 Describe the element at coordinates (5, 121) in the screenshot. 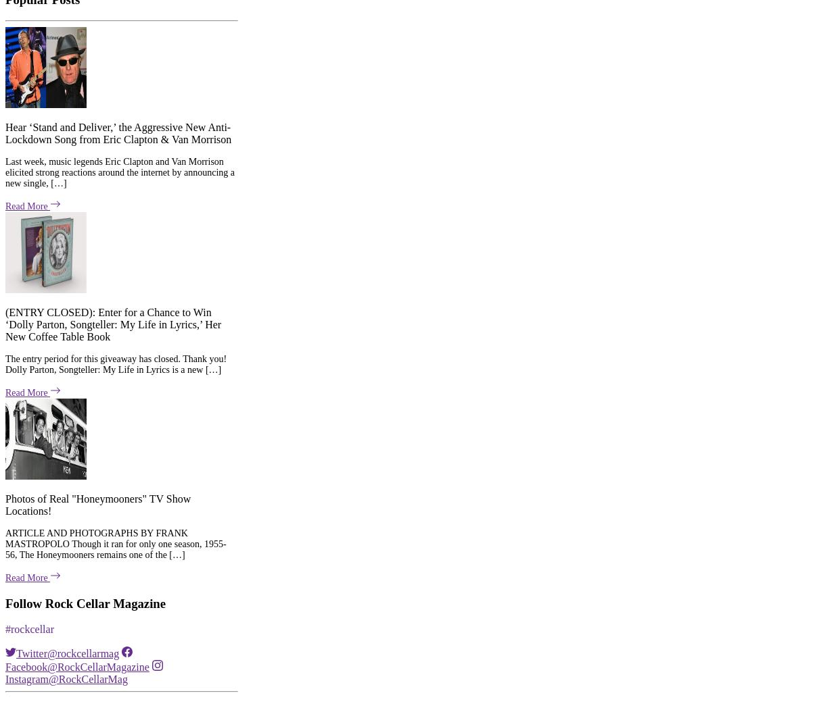

I see `'(ENTRY CLOSED): Enter for a Chance to Win ‘Dolly Parton, Songteller: My Life in Lyrics,’ Her New Coffee Table Book'` at that location.